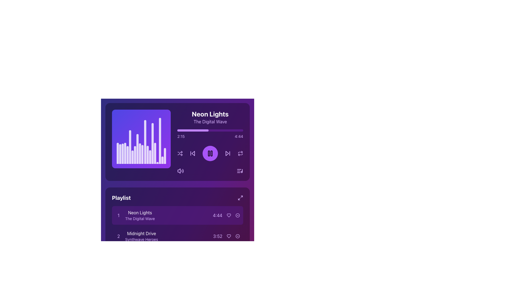  What do you see at coordinates (226, 236) in the screenshot?
I see `the purple text label displaying '3:52' located in the second row of the playlist section in the music player interface, next to the heart icon` at bounding box center [226, 236].